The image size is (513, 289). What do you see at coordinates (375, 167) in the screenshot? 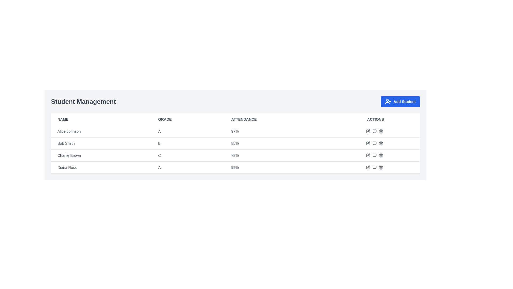
I see `the 'edit' icon in the action buttons group located in the Actions column of the row for 'Diana Ross' to modify the row data` at bounding box center [375, 167].